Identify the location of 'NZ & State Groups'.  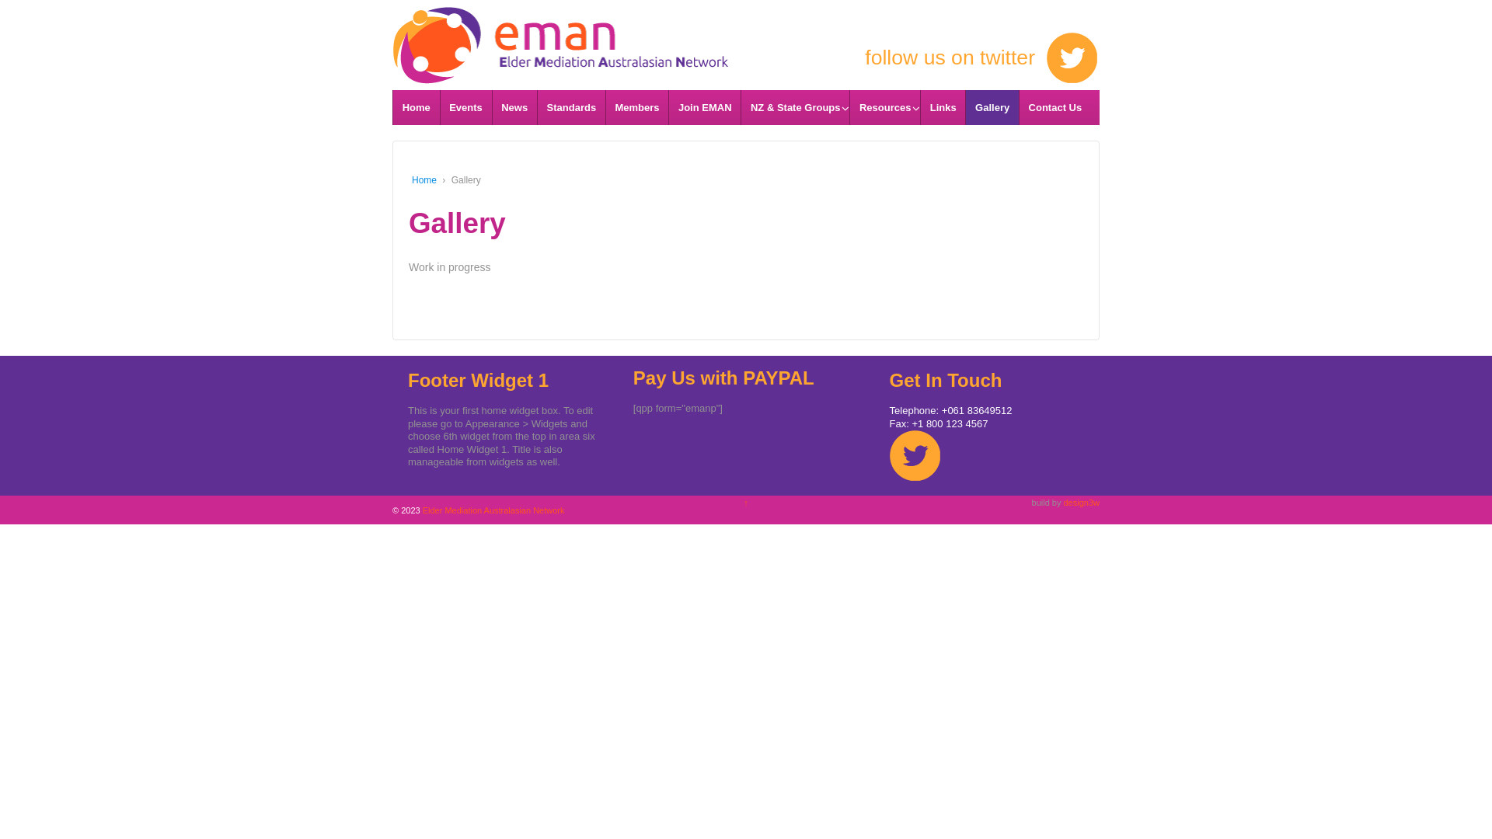
(794, 106).